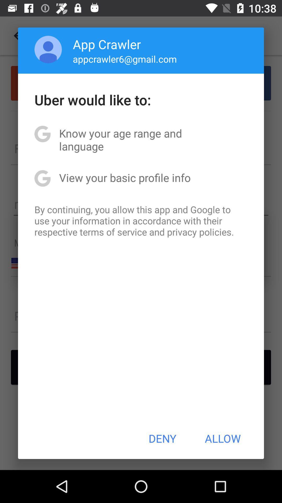  I want to click on the view your basic icon, so click(125, 177).